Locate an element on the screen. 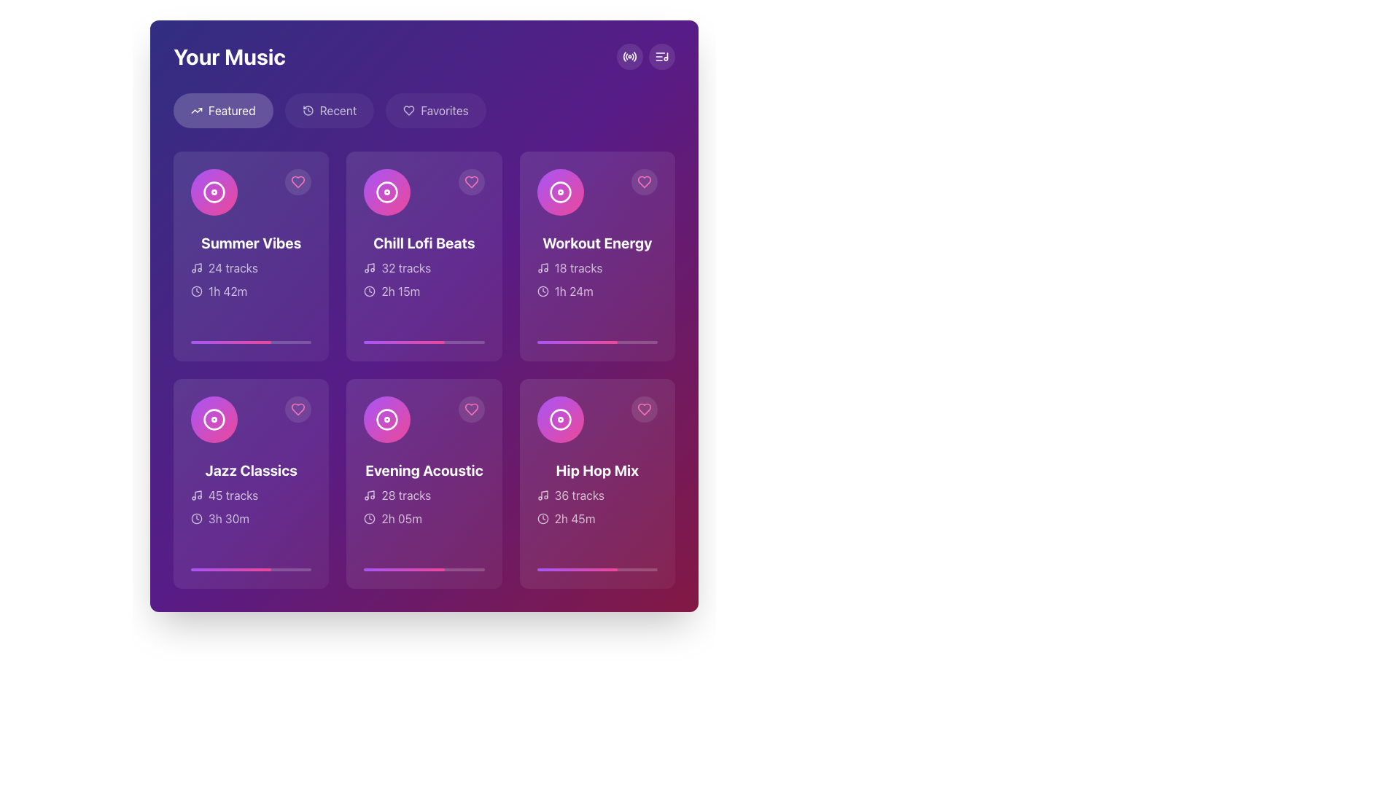 The image size is (1400, 787). the circular graphic element of the SVG clock symbol, which is positioned at the center of the clock icon above the text '2h 05m' in the 'Evening Acoustic' section is located at coordinates (370, 518).